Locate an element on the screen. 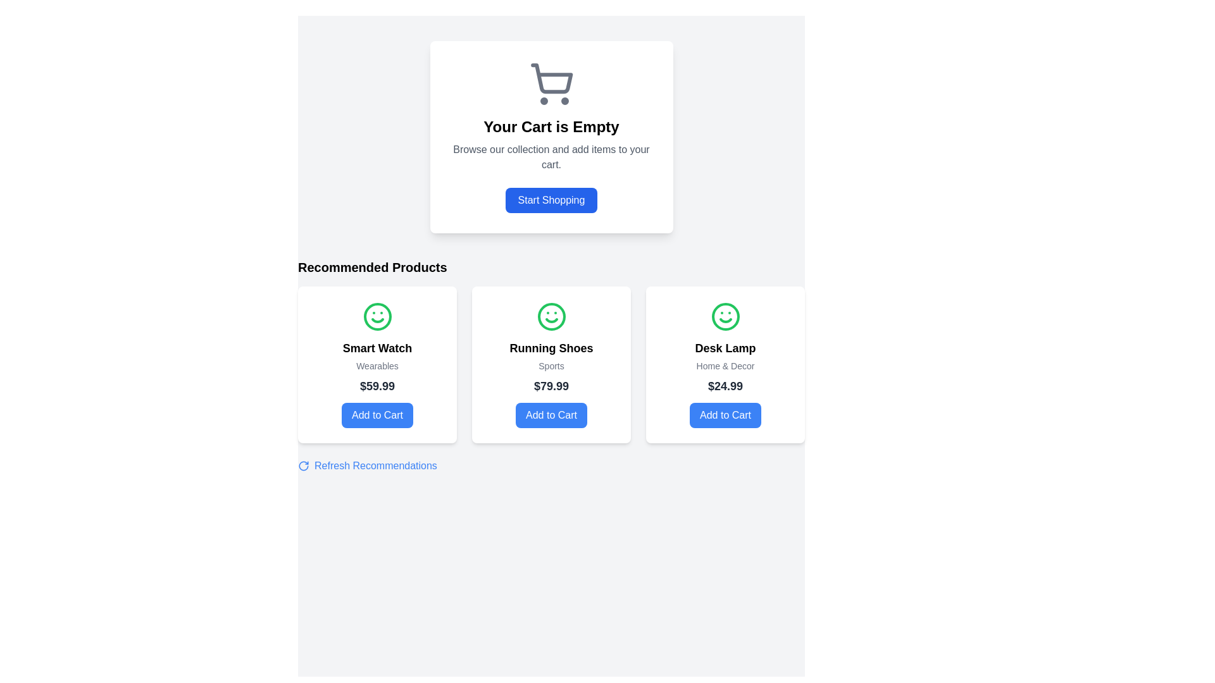 Image resolution: width=1215 pixels, height=683 pixels. the product title text located in the third card of the product recommendations section, which is situated below the smiley face icon and above the 'Home & Decor' category text is located at coordinates (725, 348).